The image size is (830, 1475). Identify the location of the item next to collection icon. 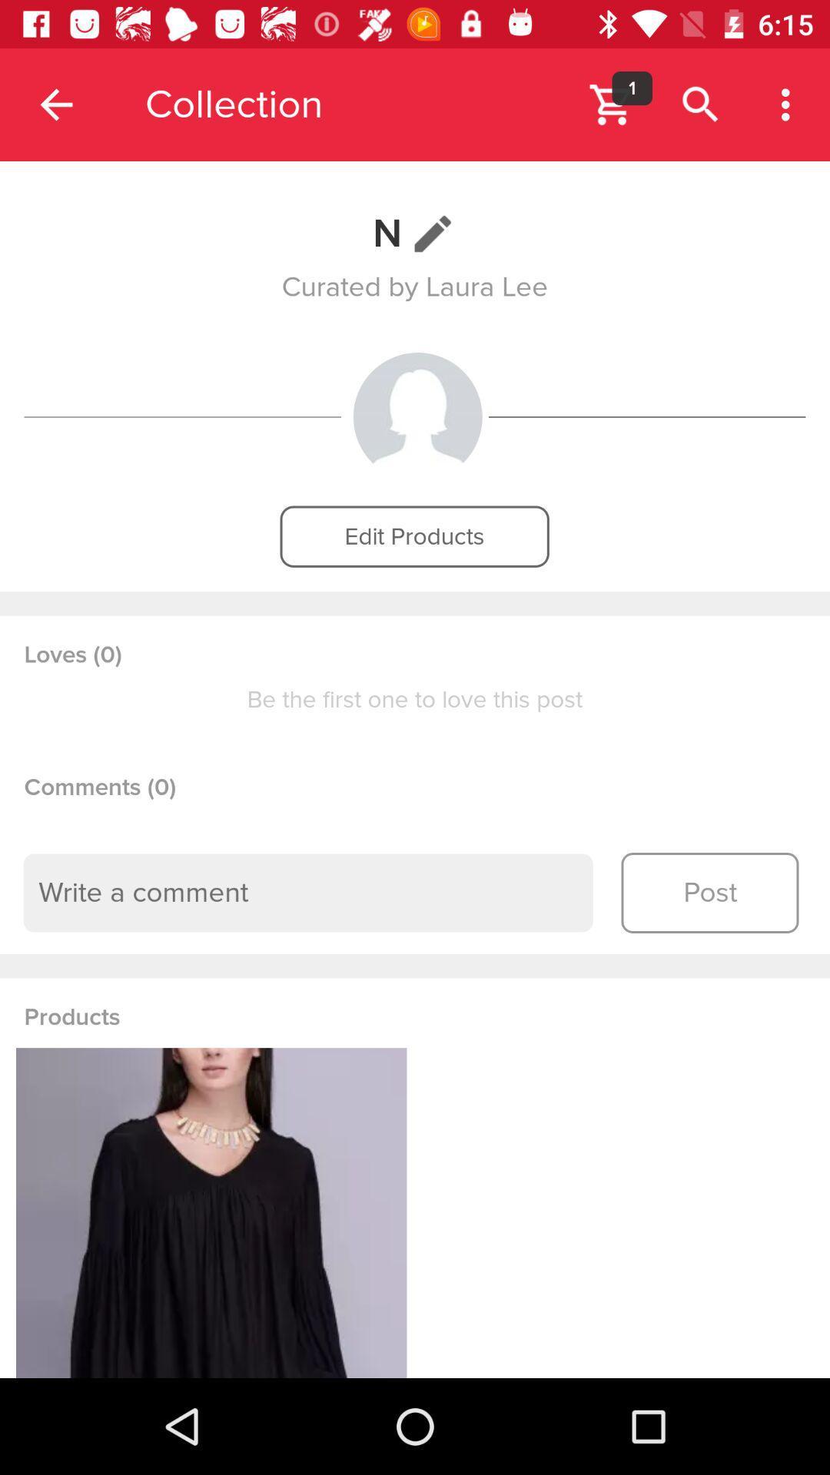
(55, 104).